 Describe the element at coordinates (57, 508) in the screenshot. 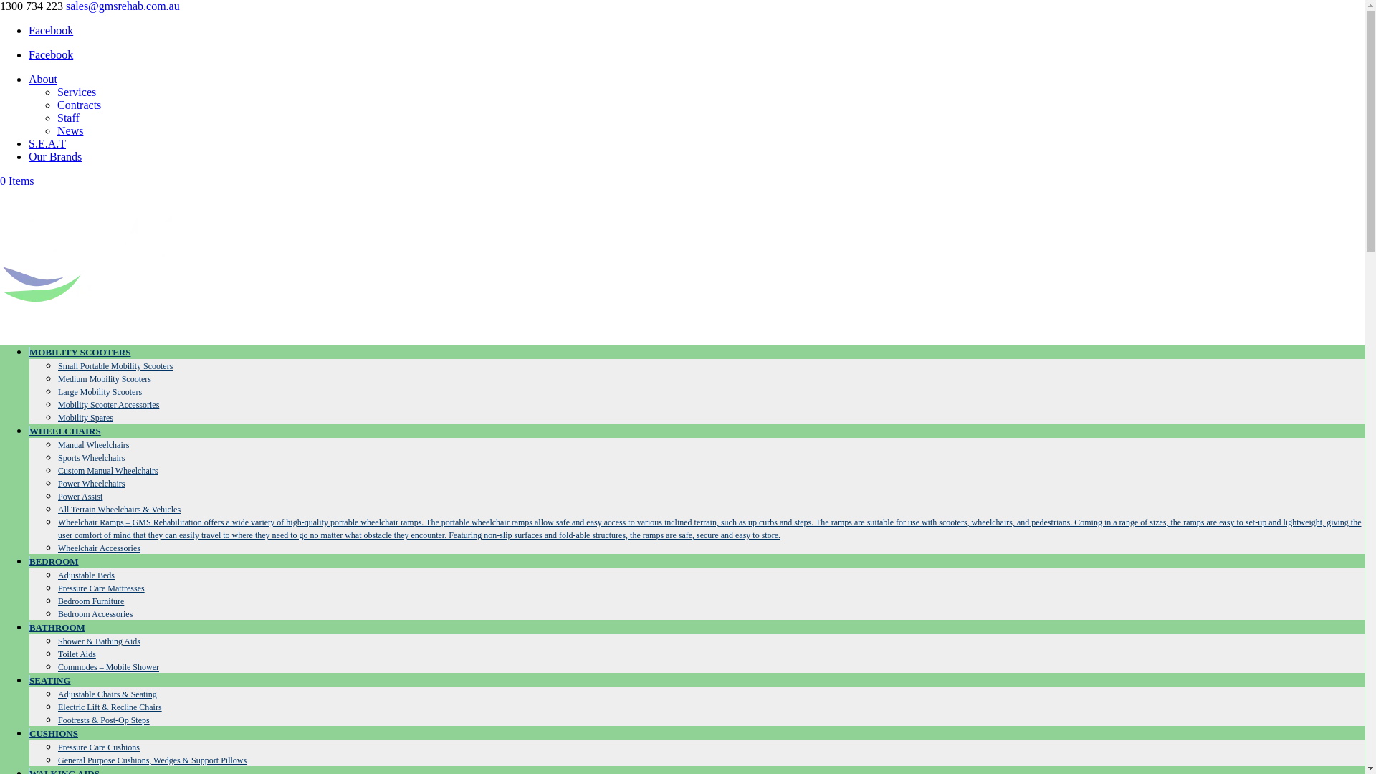

I see `'All Terrain Wheelchairs & Vehicles'` at that location.